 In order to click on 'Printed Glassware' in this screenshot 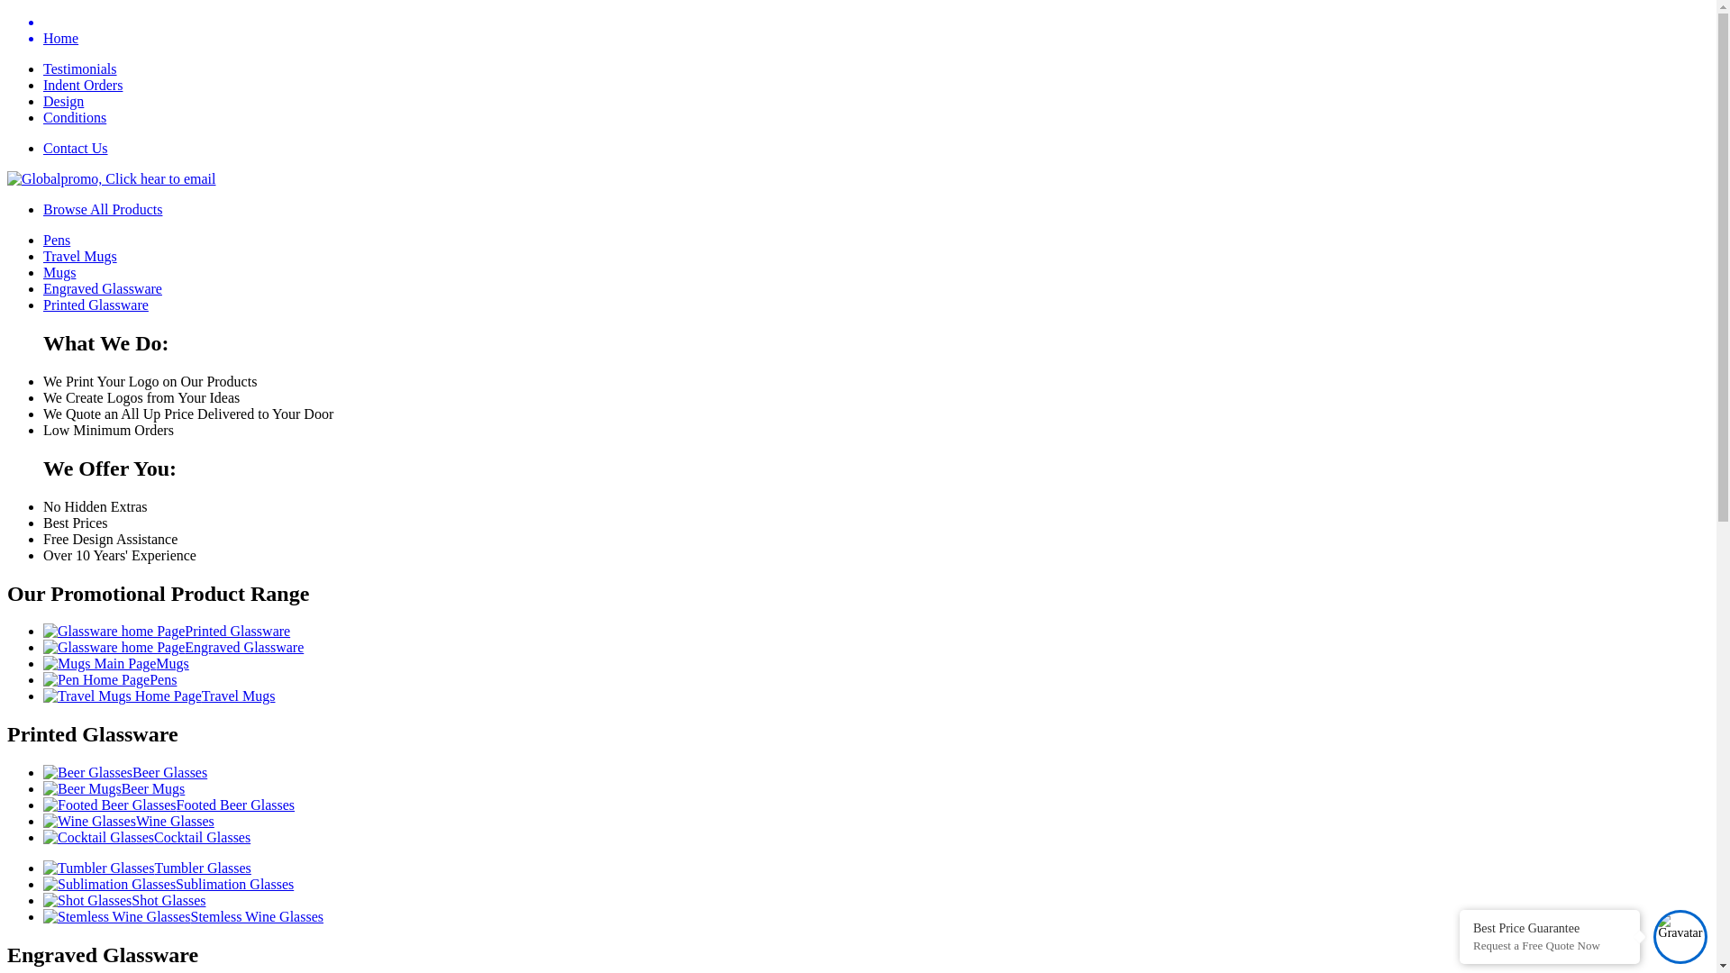, I will do `click(95, 304)`.